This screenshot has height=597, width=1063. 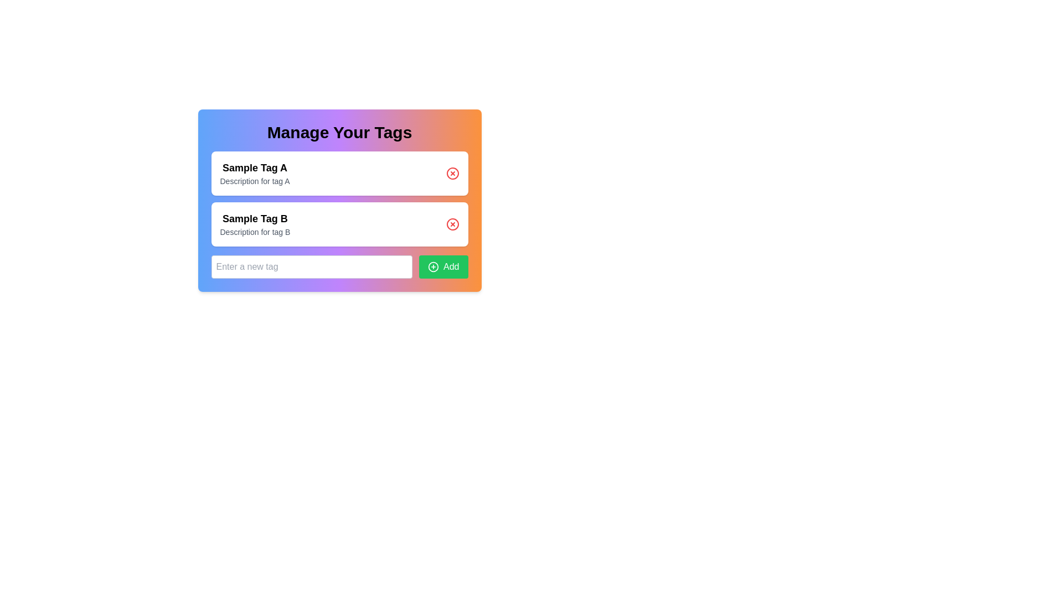 What do you see at coordinates (451, 266) in the screenshot?
I see `the 'Add' button located at the bottom-right corner of the 'Manage Your Tags' interface, which is styled in a green rounded button and contains a plus sign icon` at bounding box center [451, 266].